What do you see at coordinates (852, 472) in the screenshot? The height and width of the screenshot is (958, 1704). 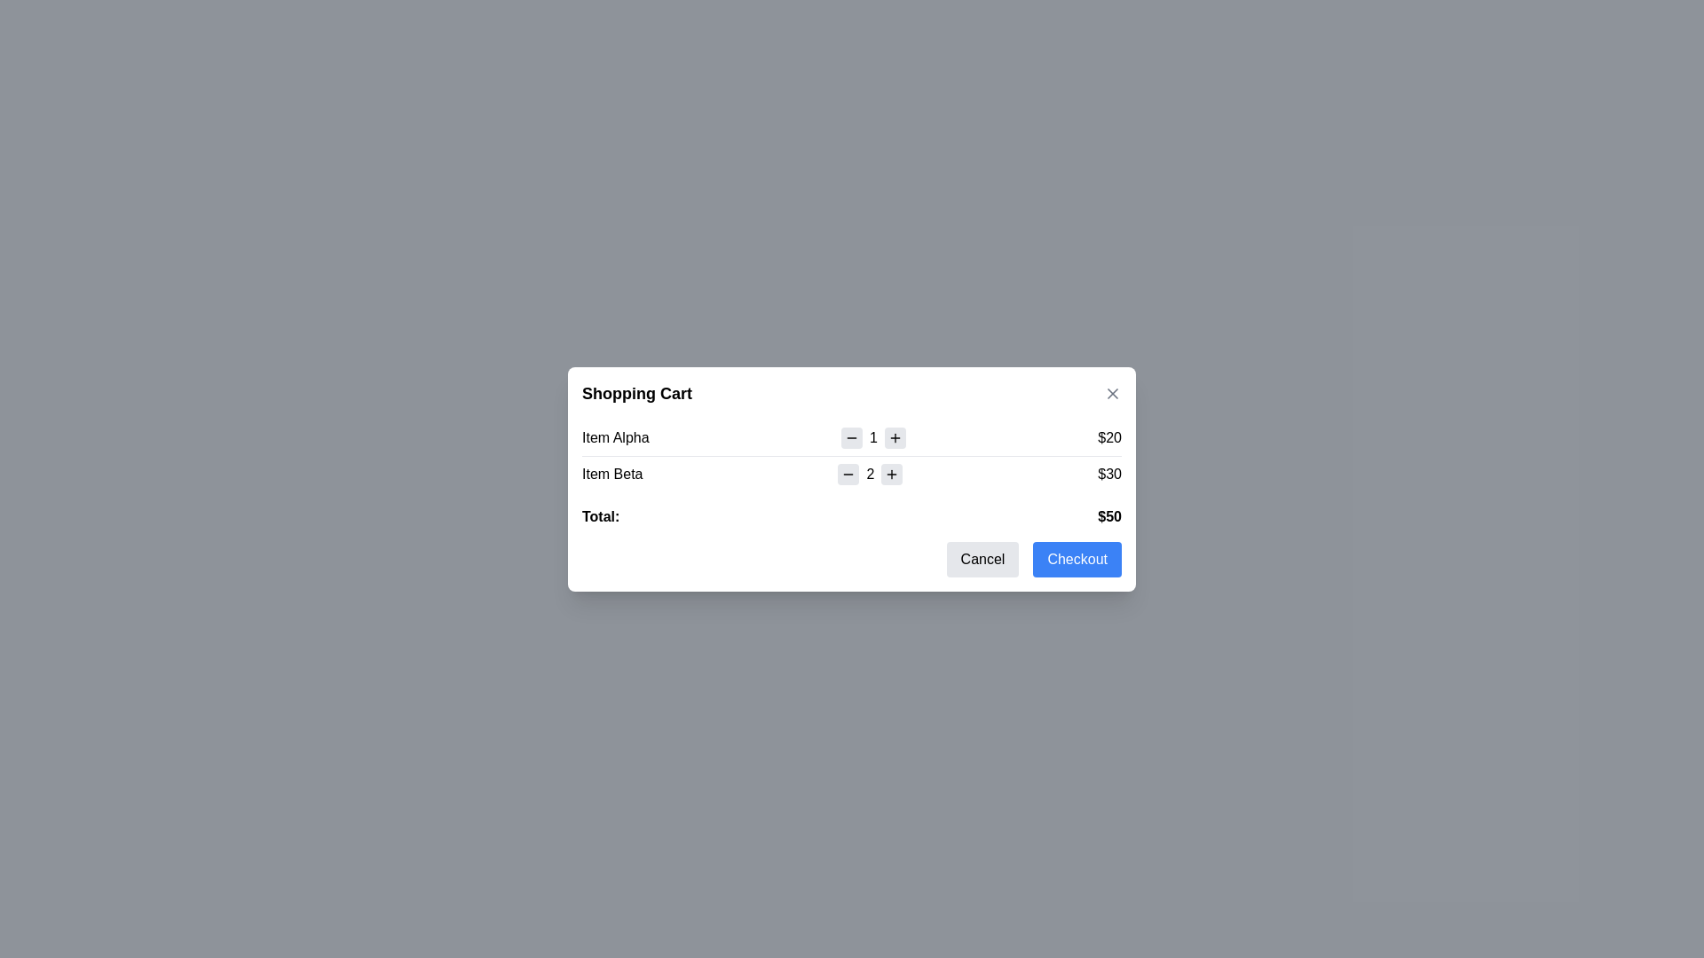 I see `the buttons in the shopping cart list item for 'Item Beta'` at bounding box center [852, 472].